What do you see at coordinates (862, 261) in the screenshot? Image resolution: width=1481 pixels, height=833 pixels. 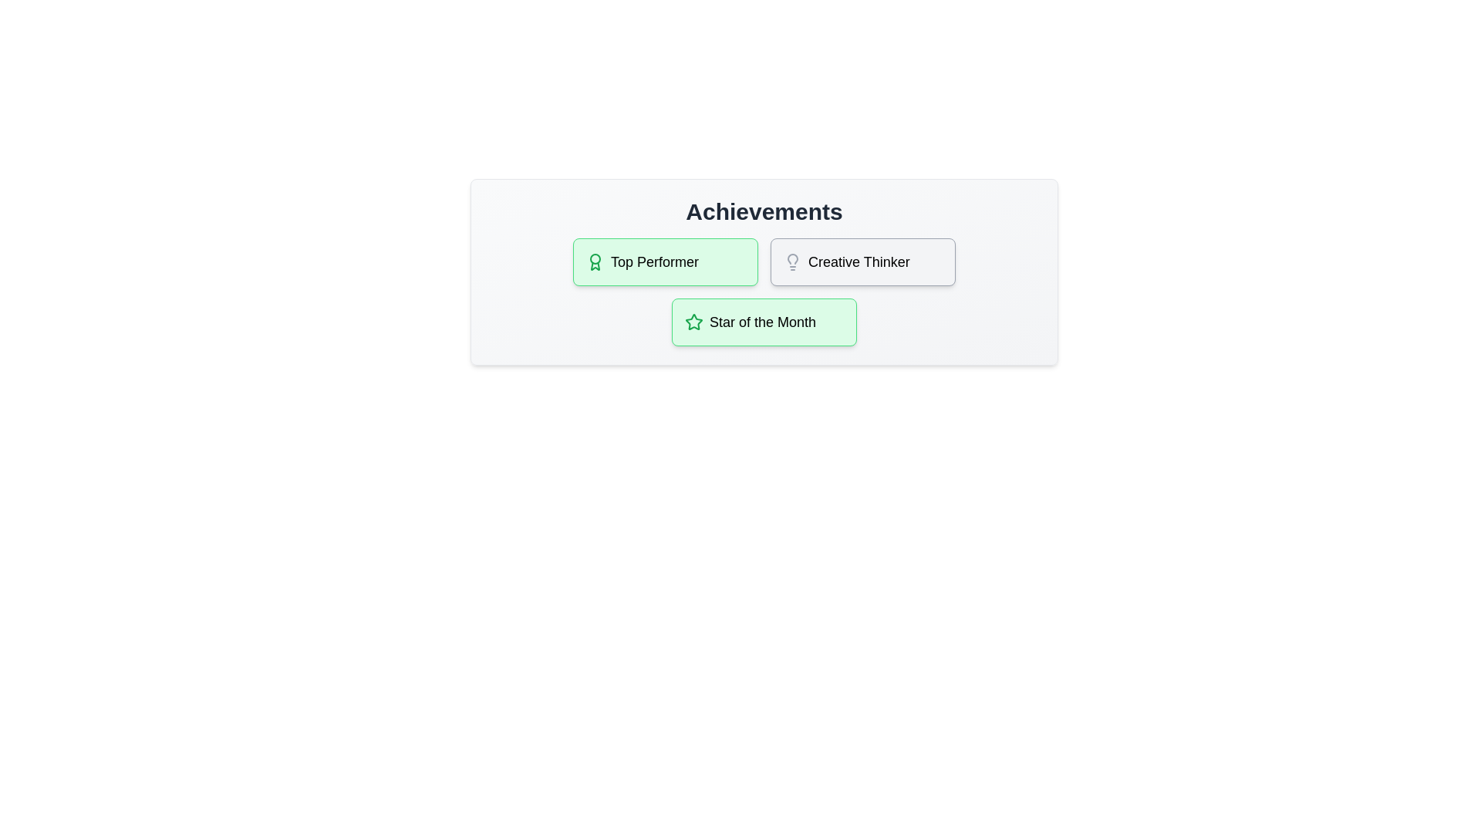 I see `the achievement Creative Thinker to display its tooltip or effect` at bounding box center [862, 261].